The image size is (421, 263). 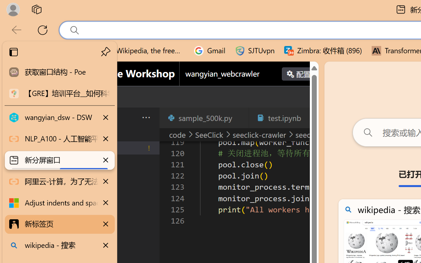 I want to click on 'SJTUvpn', so click(x=254, y=51).